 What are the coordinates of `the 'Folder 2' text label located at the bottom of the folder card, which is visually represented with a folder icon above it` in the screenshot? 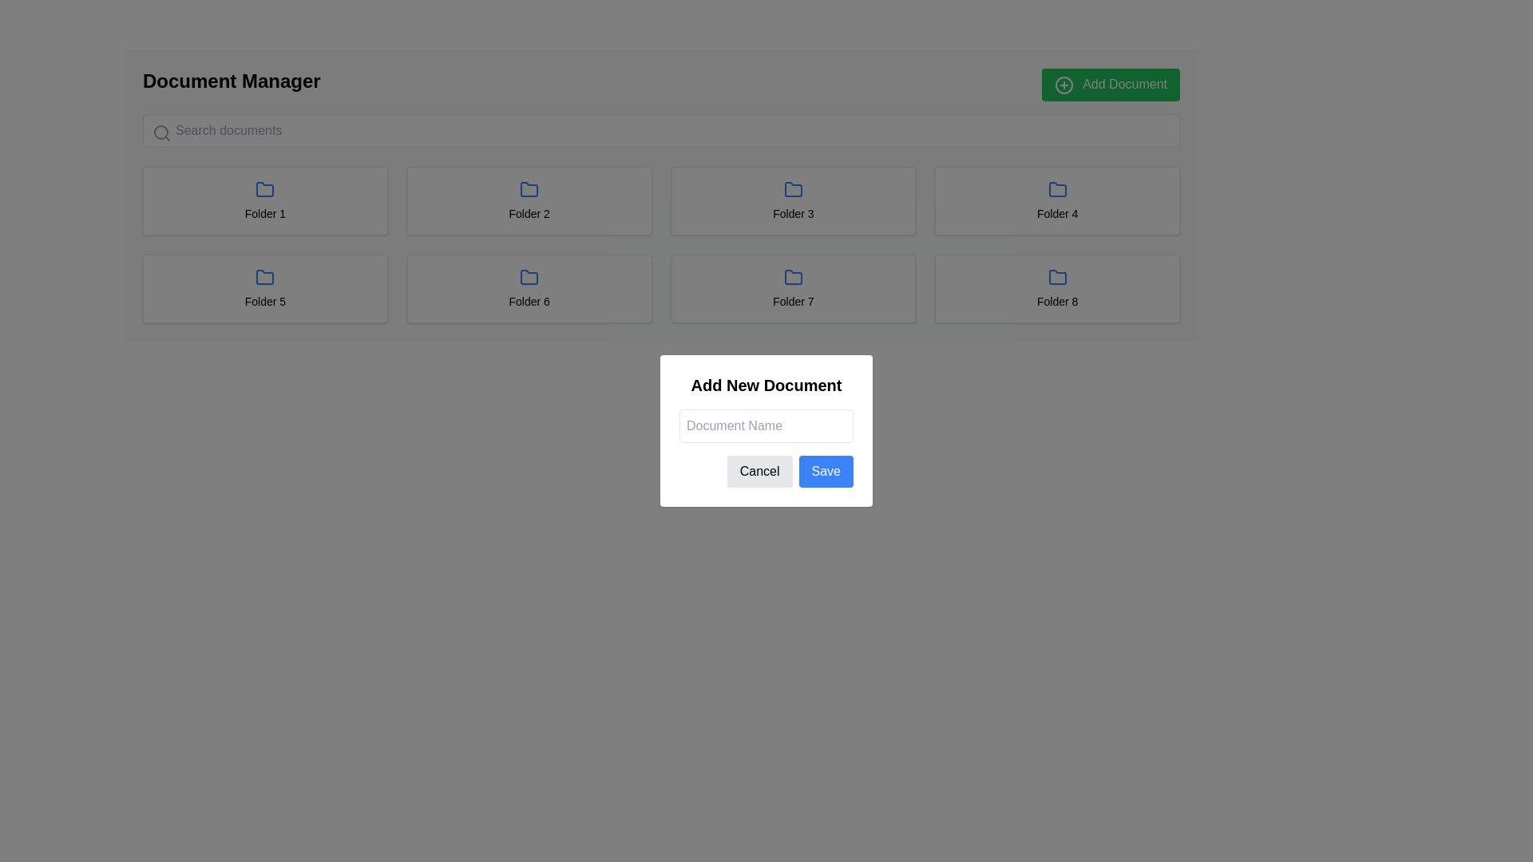 It's located at (529, 212).